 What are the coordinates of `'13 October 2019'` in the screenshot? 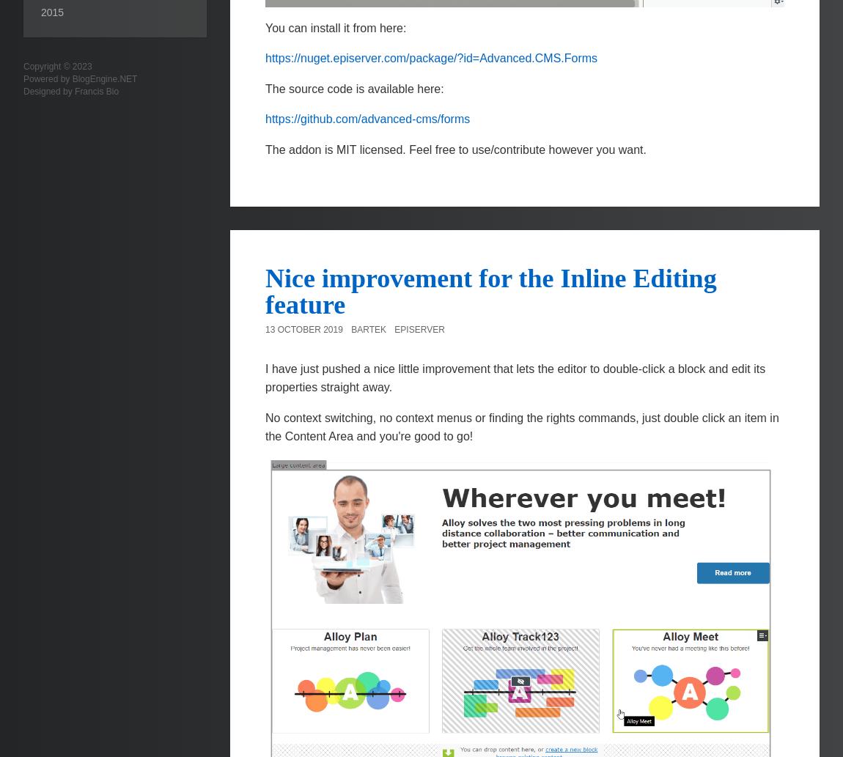 It's located at (303, 329).